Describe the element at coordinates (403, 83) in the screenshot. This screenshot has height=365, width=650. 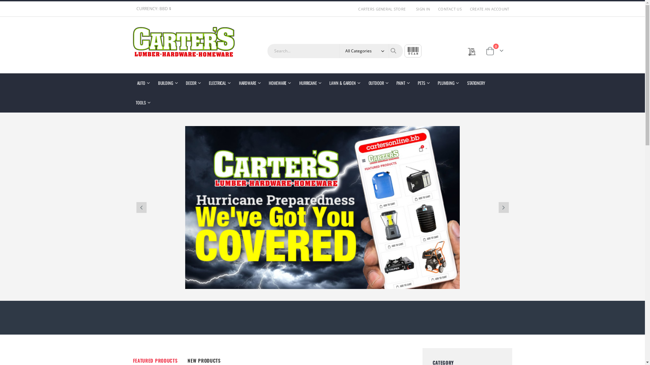
I see `'PAINT'` at that location.